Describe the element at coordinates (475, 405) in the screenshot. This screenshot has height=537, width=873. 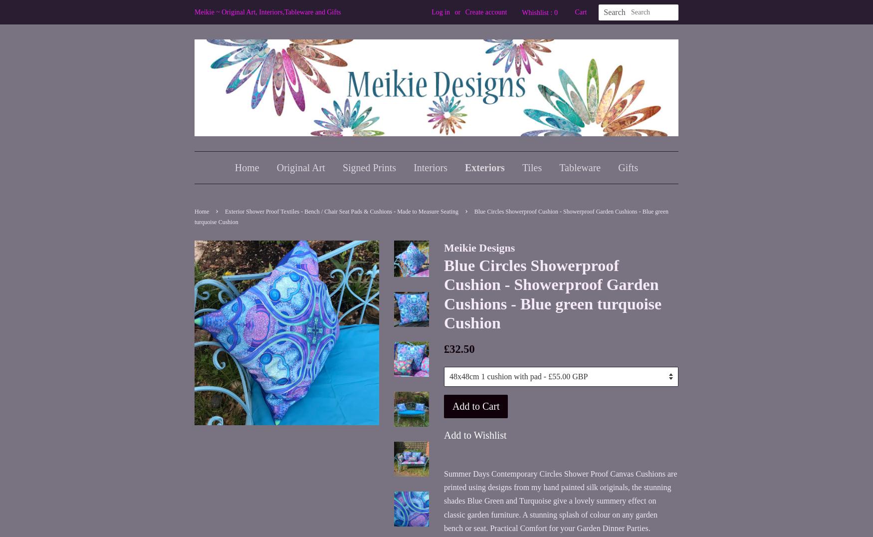
I see `'Add to Cart'` at that location.